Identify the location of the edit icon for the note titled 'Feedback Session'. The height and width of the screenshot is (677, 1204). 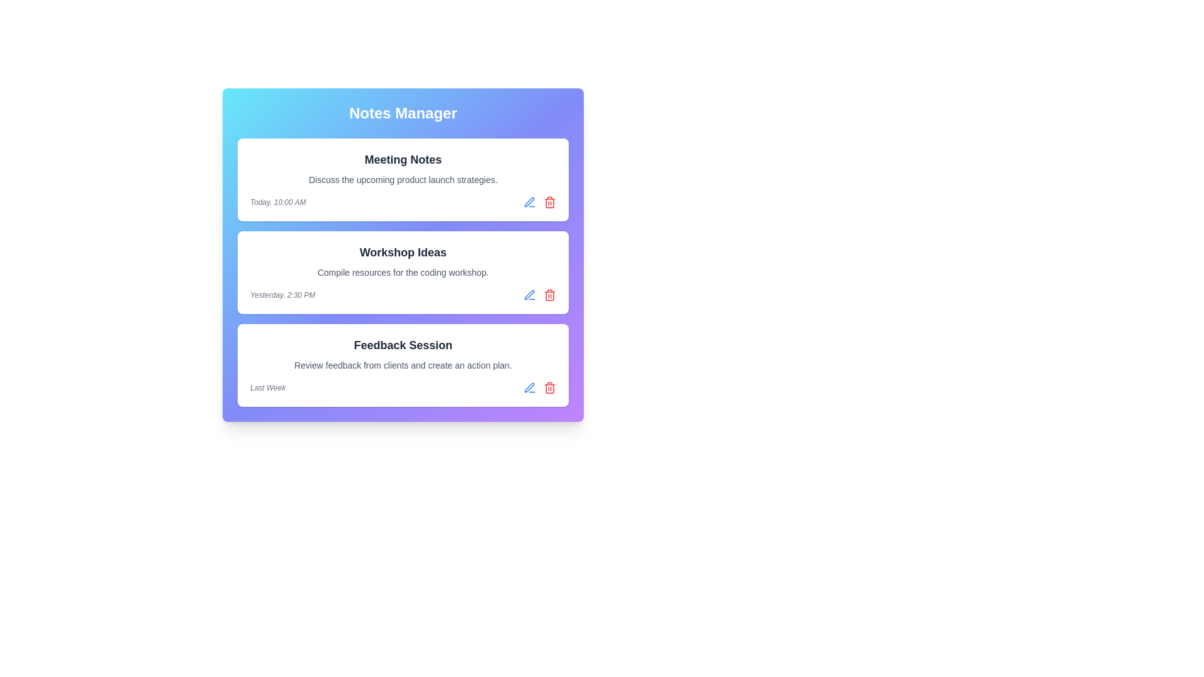
(529, 387).